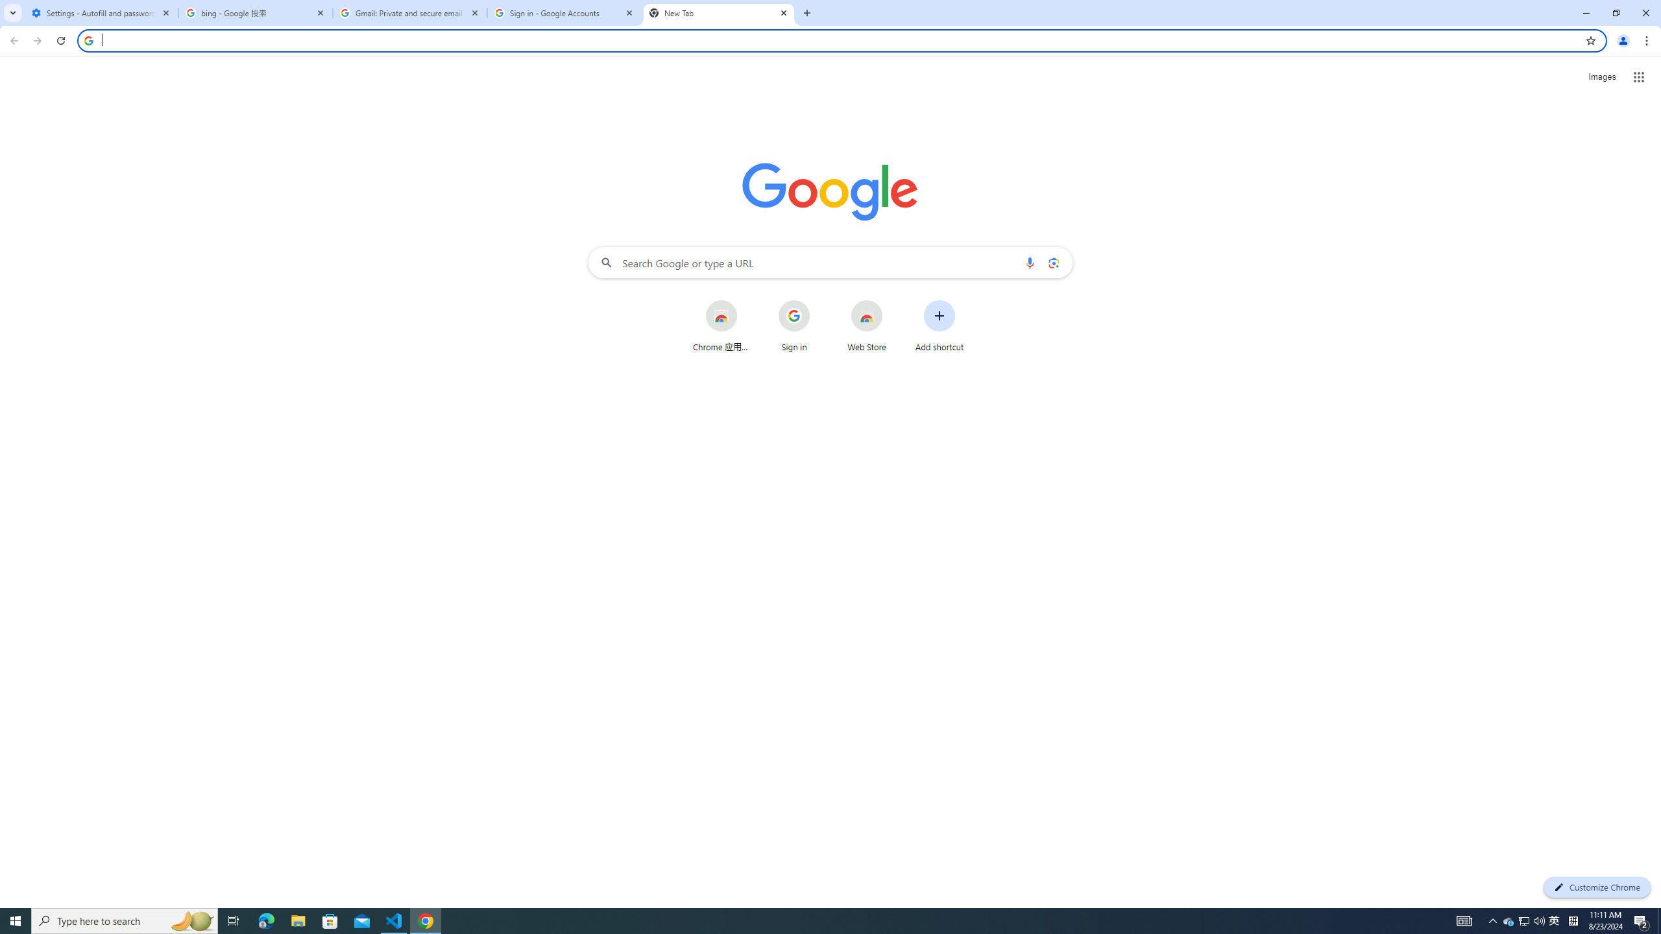 The image size is (1661, 934). Describe the element at coordinates (867, 325) in the screenshot. I see `'Web Store'` at that location.